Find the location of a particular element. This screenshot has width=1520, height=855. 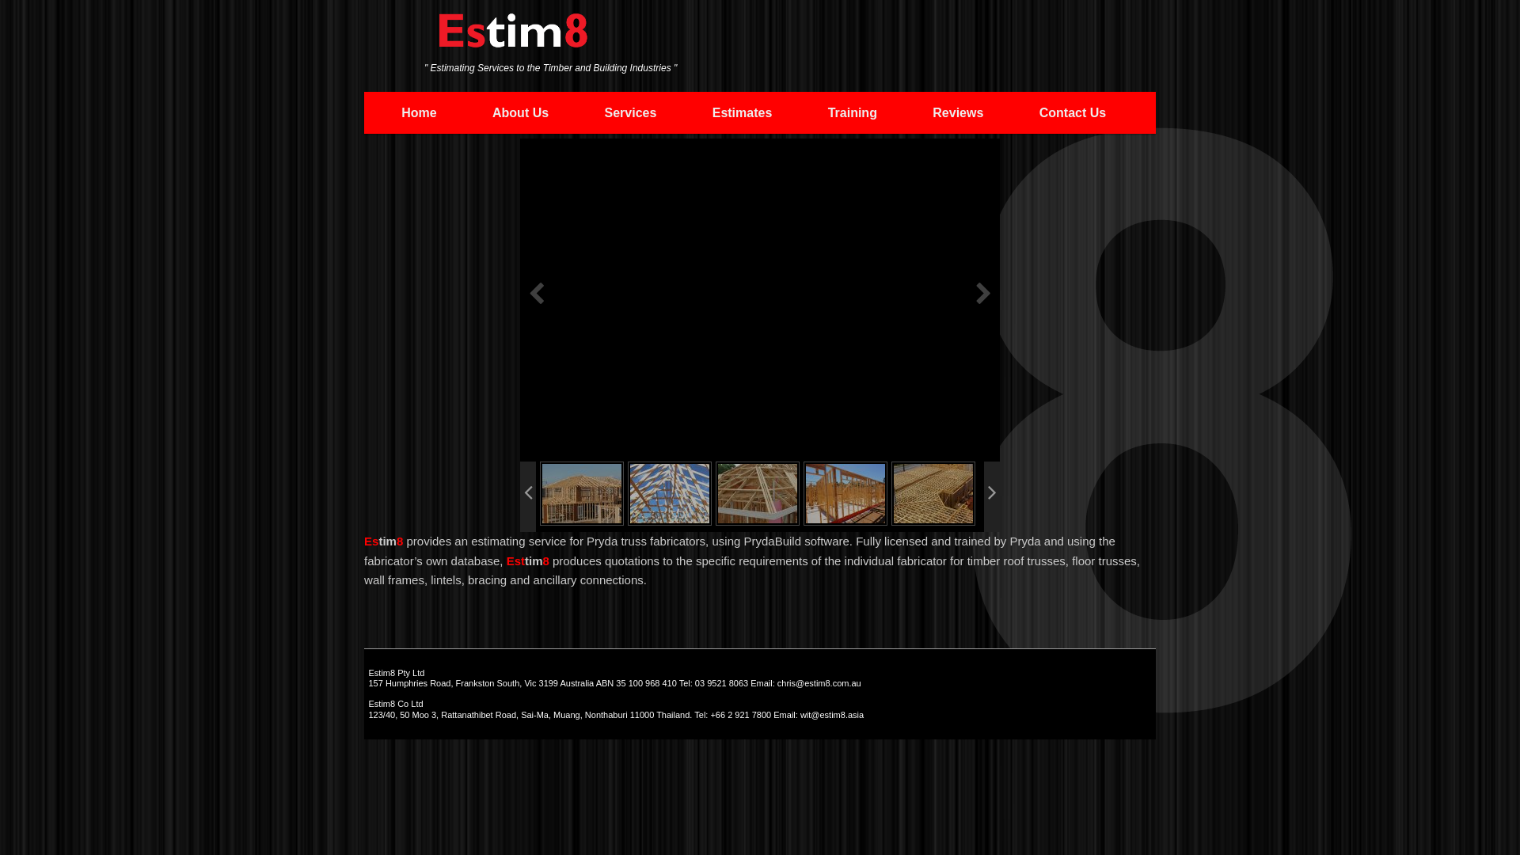

'Estim8' is located at coordinates (513, 37).